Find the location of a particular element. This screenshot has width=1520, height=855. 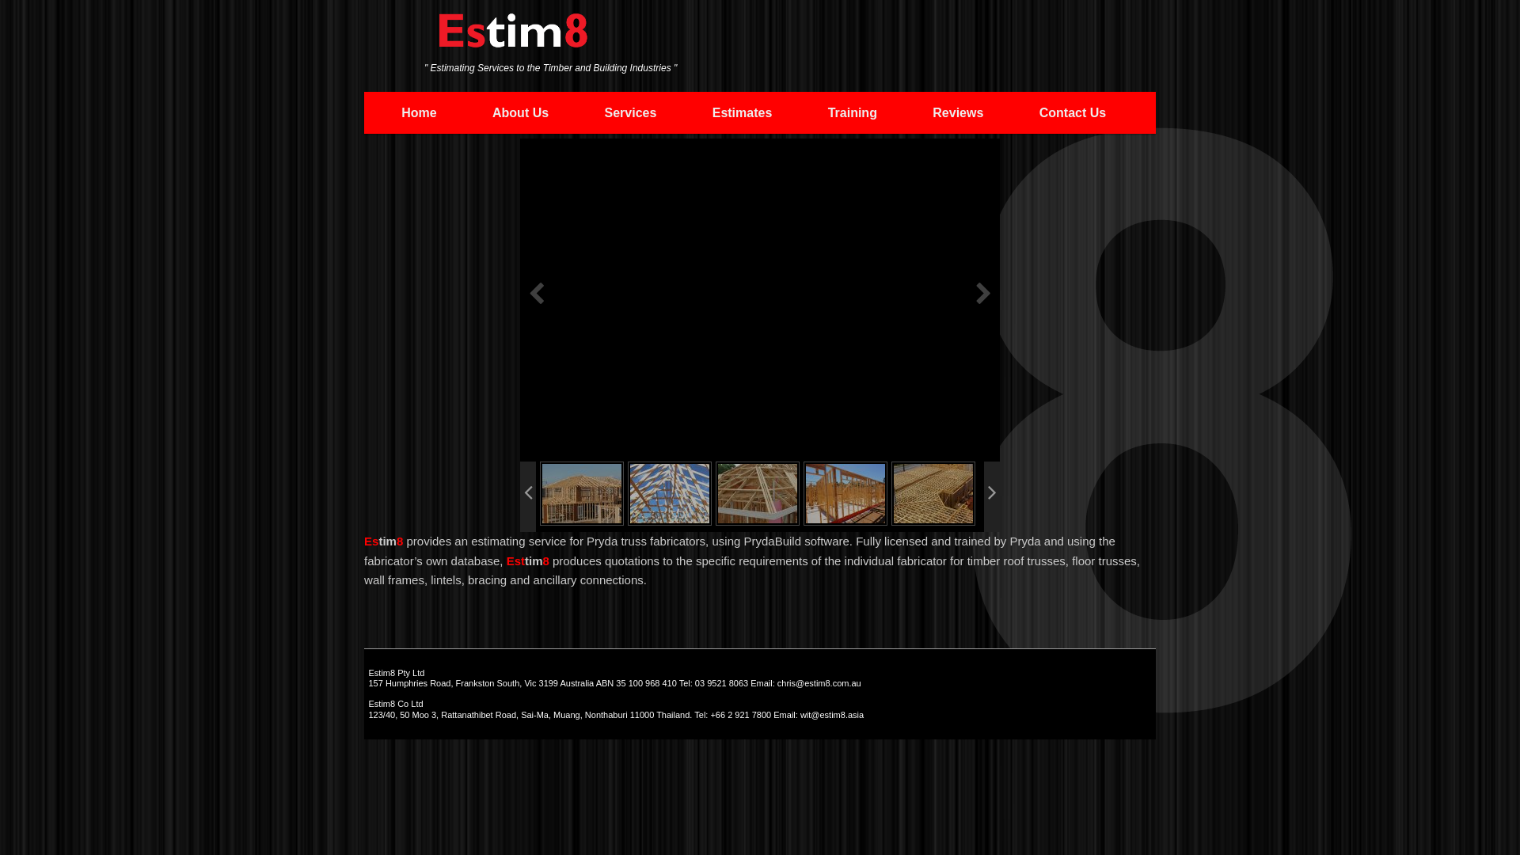

'Estim8' is located at coordinates (513, 37).